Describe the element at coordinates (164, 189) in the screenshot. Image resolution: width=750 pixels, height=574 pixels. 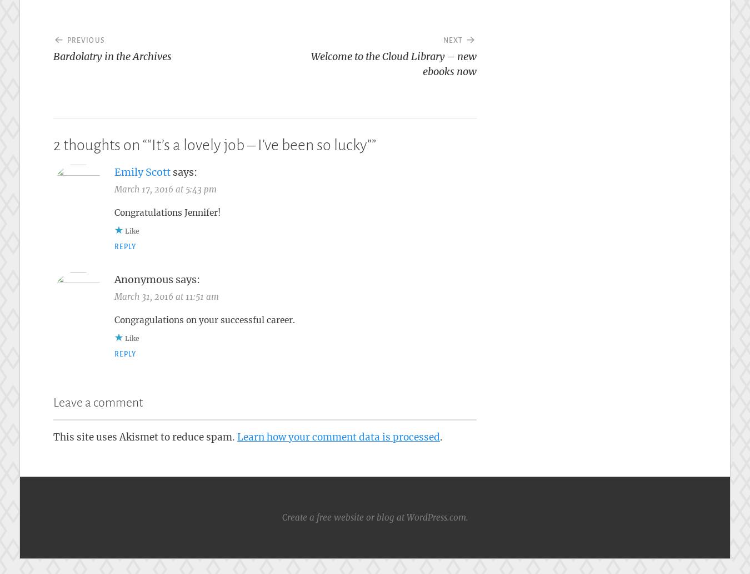
I see `'March 17, 2016 at 5:43 pm'` at that location.